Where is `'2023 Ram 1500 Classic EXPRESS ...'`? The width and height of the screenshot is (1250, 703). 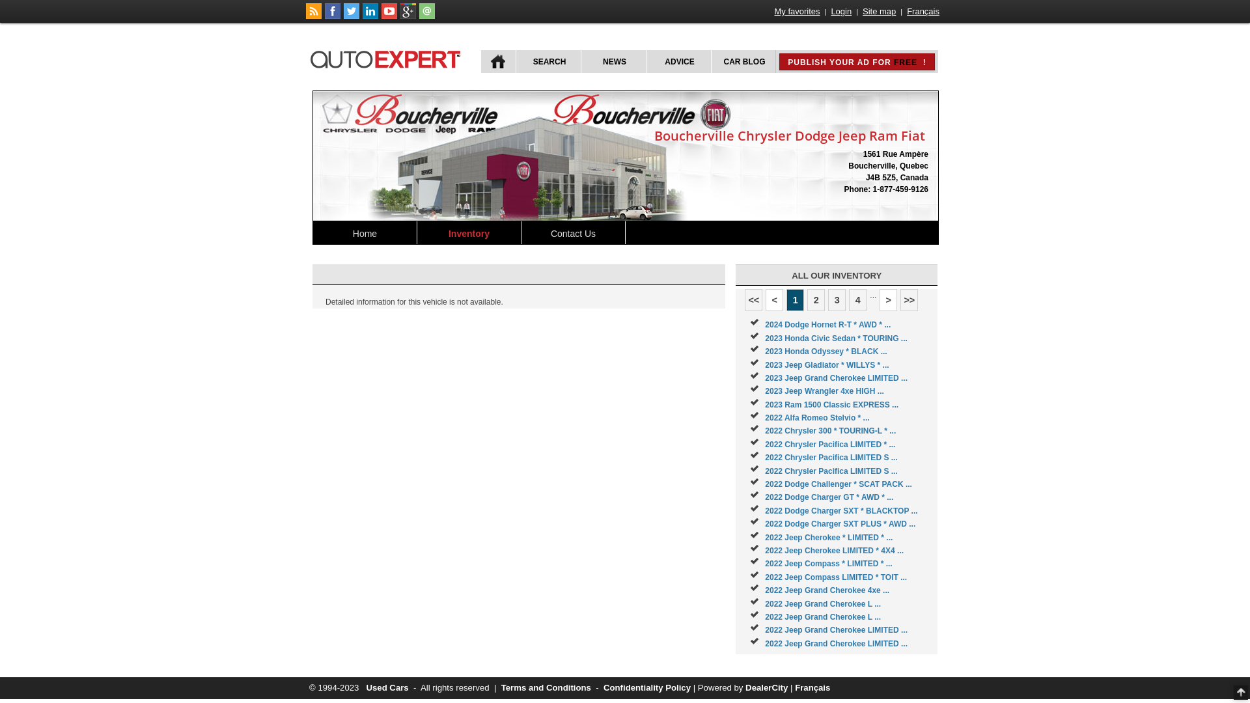 '2023 Ram 1500 Classic EXPRESS ...' is located at coordinates (831, 404).